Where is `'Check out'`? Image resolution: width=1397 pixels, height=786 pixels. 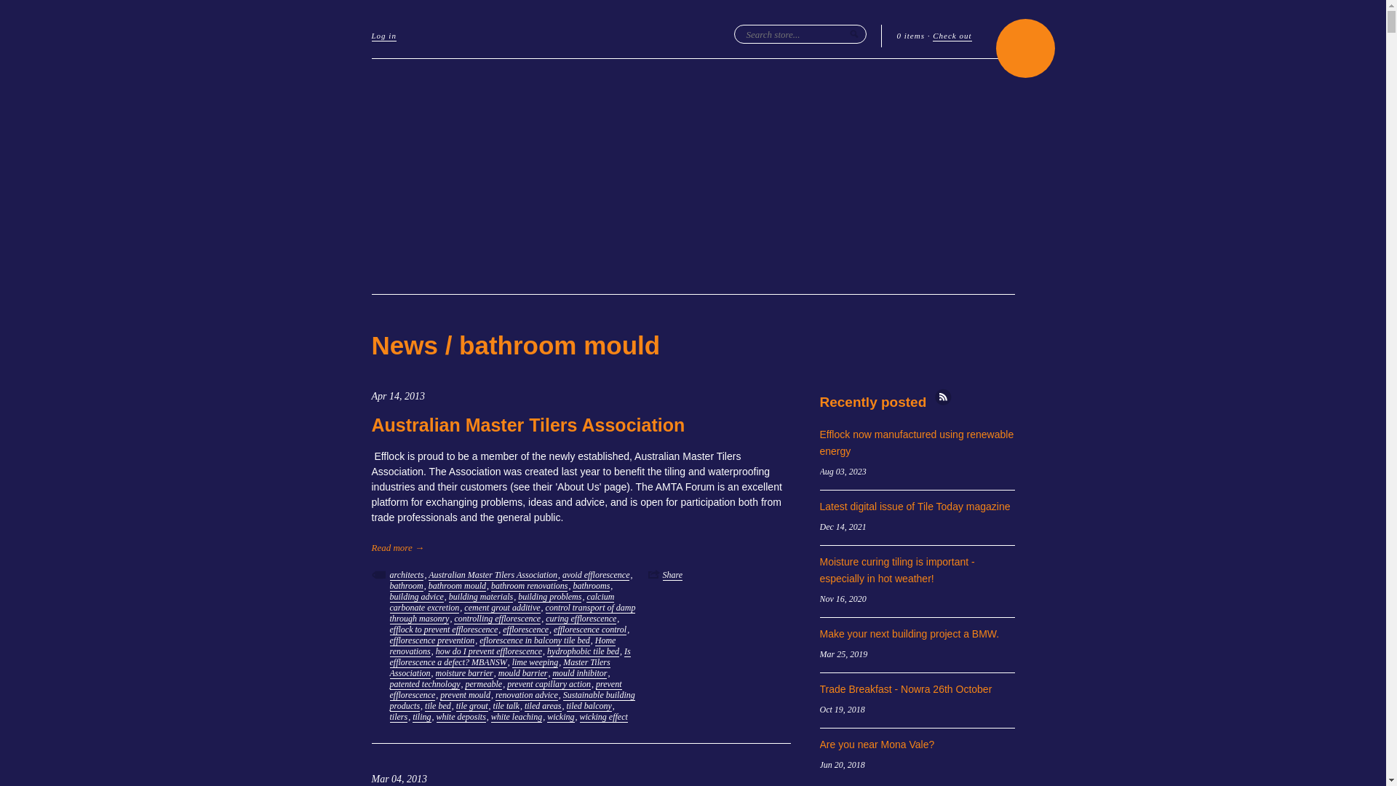
'Check out' is located at coordinates (952, 36).